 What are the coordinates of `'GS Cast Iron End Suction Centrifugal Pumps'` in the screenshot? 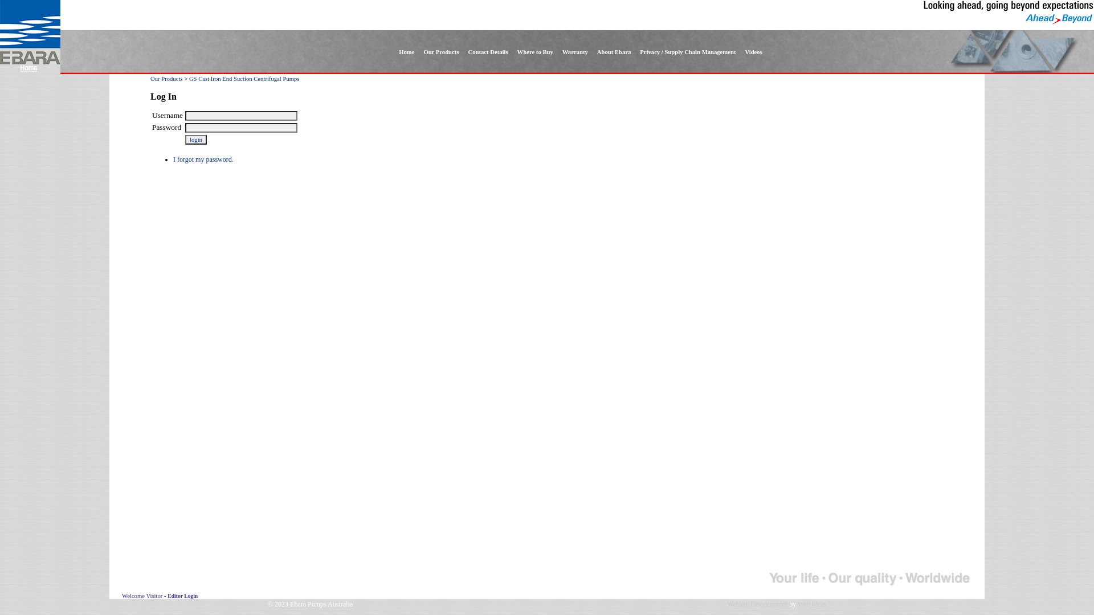 It's located at (243, 78).